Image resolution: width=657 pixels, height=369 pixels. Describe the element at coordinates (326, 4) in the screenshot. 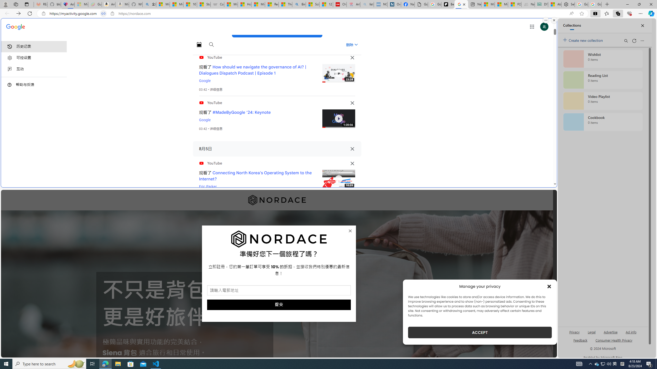

I see `'12 Popular Science Lies that Must be Corrected'` at that location.